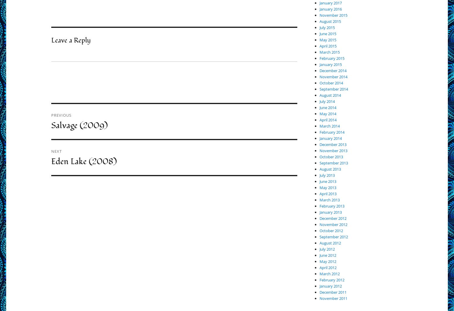  I want to click on 'November 2011', so click(333, 298).